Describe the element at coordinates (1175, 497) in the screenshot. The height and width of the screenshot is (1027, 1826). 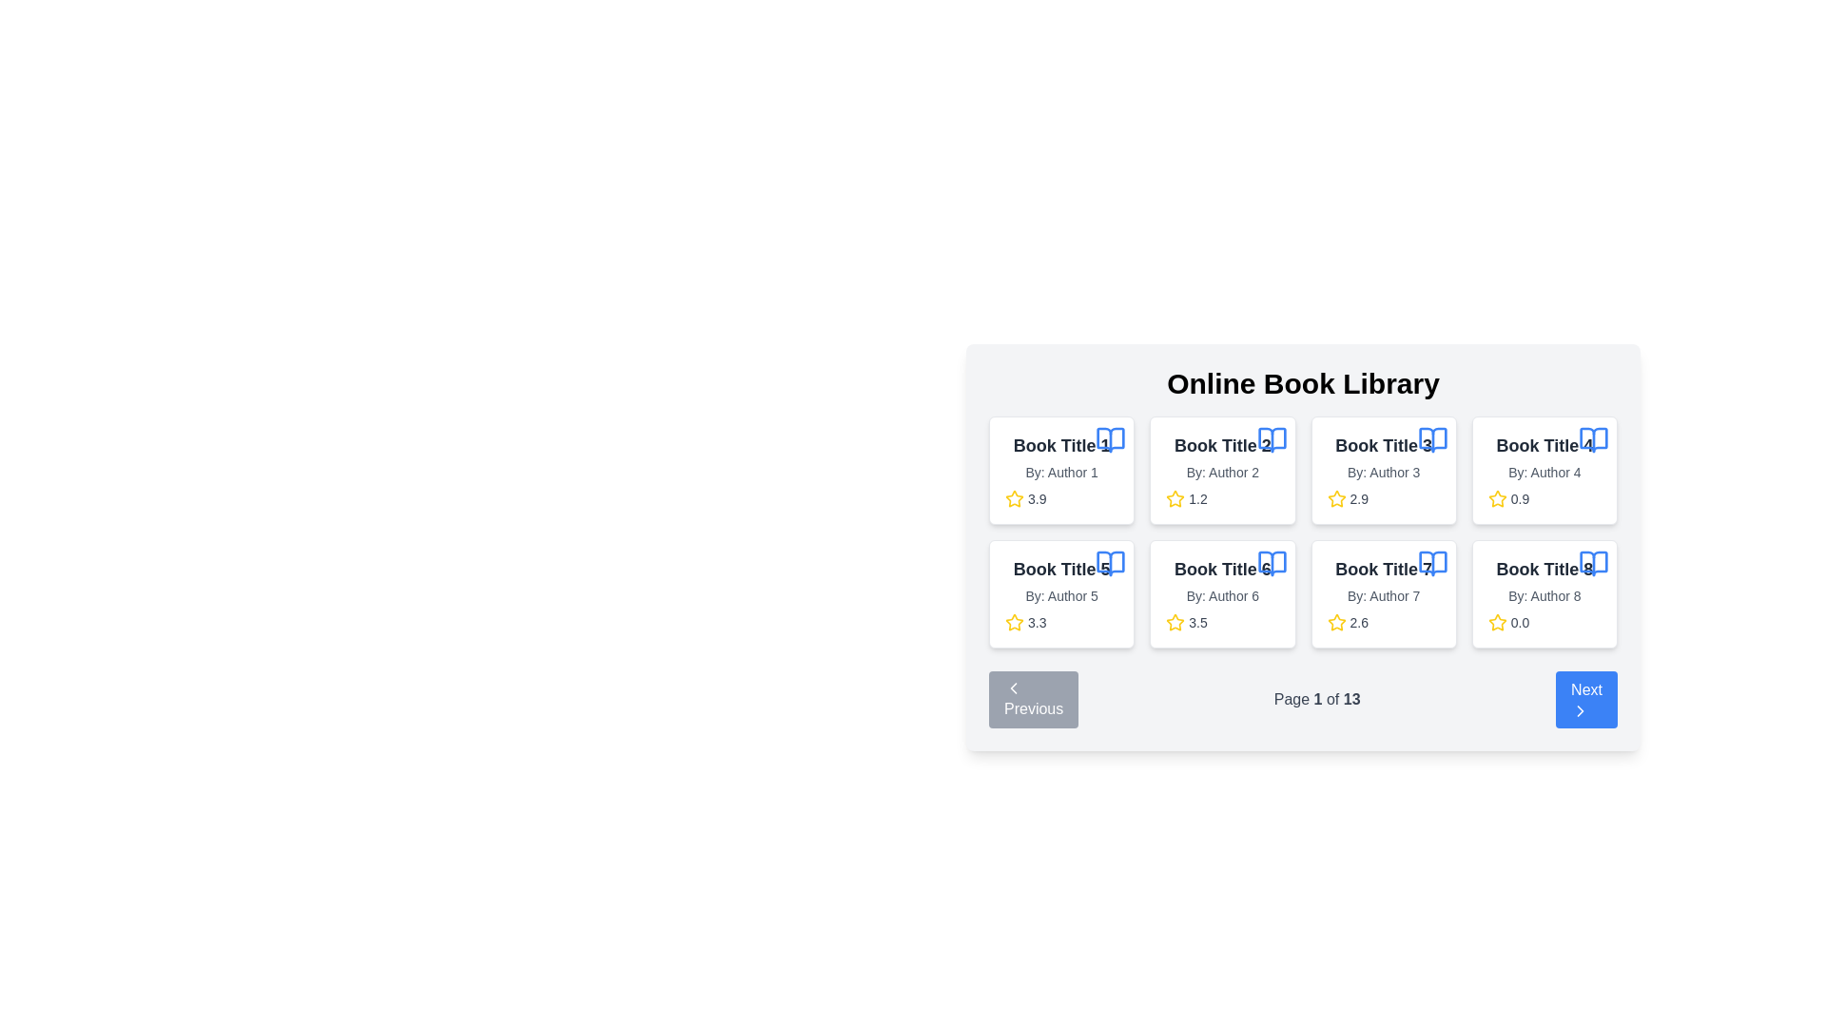
I see `middle star icon with a yellow outline representing the rating of the second book card in the grid` at that location.